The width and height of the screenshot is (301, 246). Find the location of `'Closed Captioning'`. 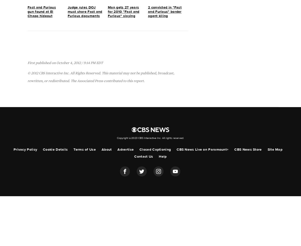

'Closed Captioning' is located at coordinates (155, 149).